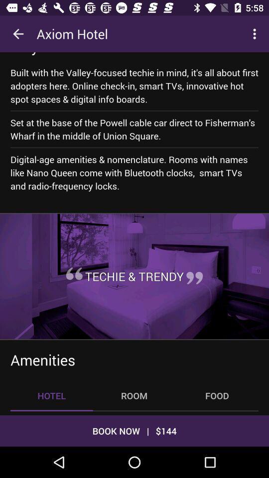 This screenshot has height=478, width=269. Describe the element at coordinates (134, 85) in the screenshot. I see `icon below why we like item` at that location.